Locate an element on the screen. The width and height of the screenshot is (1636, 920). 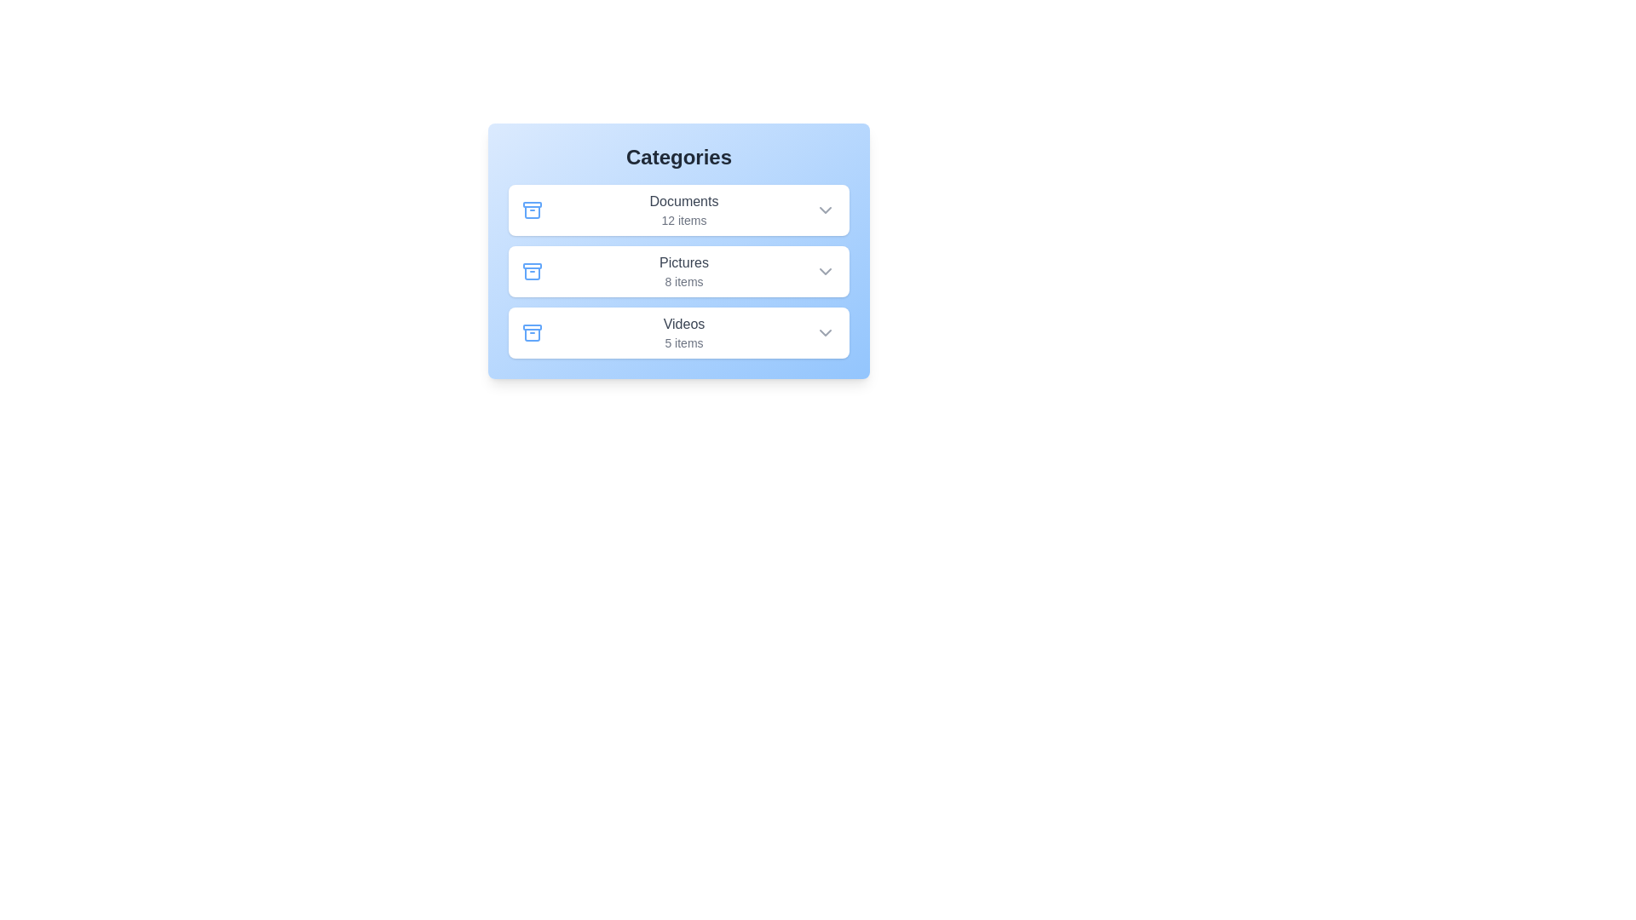
the category item Pictures to highlight it is located at coordinates (677, 271).